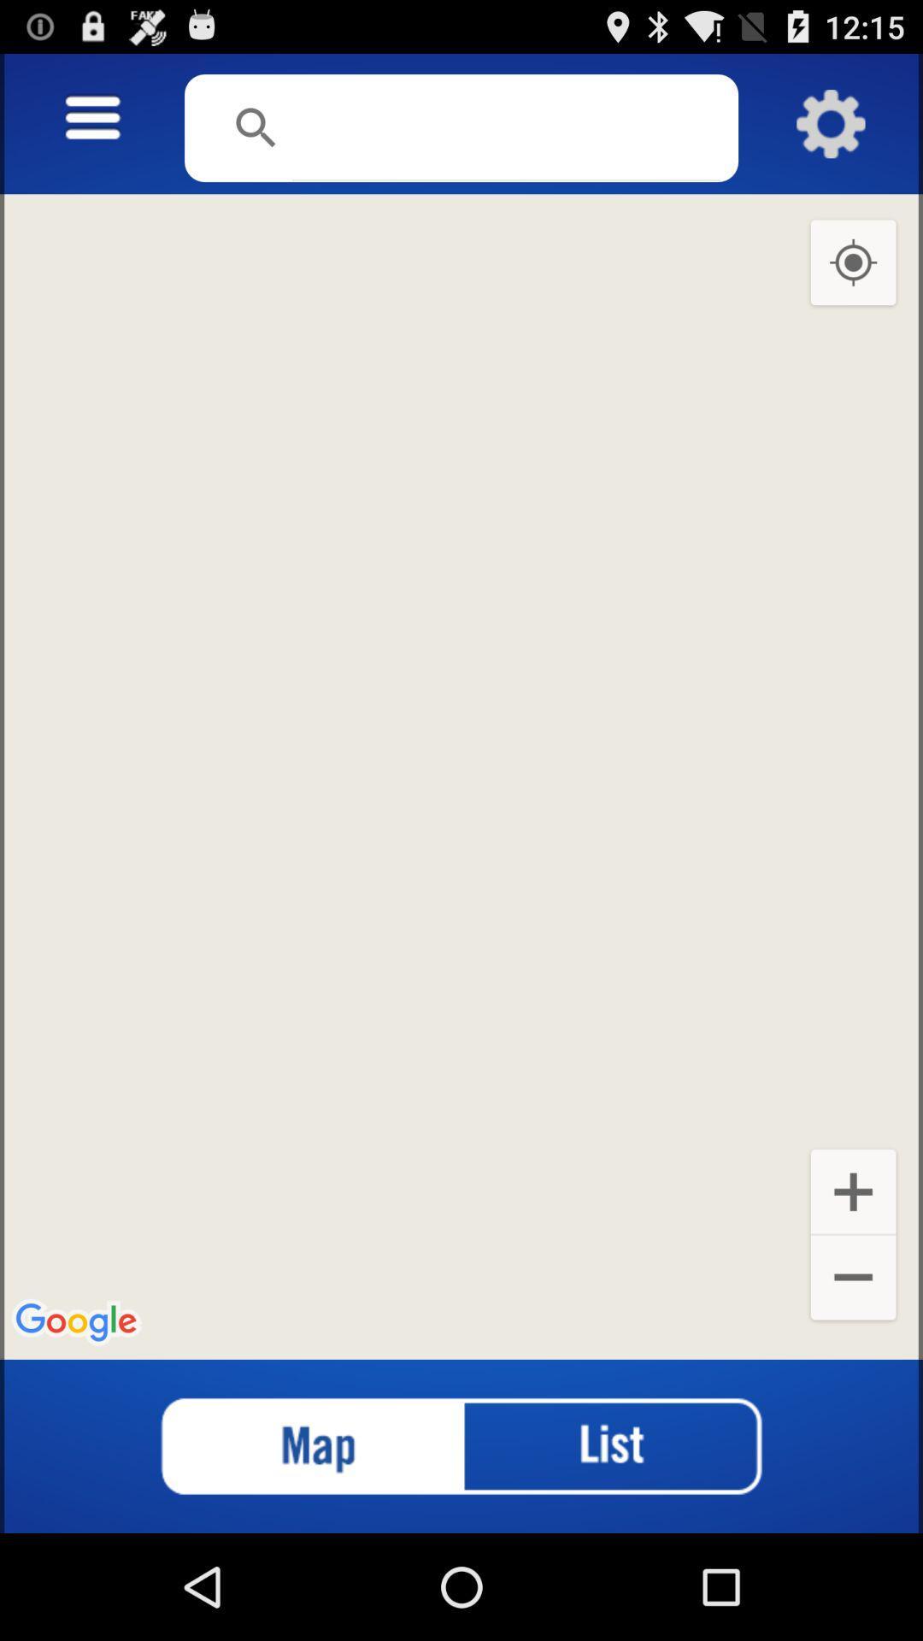 This screenshot has width=923, height=1641. What do you see at coordinates (92, 126) in the screenshot?
I see `the menu icon` at bounding box center [92, 126].